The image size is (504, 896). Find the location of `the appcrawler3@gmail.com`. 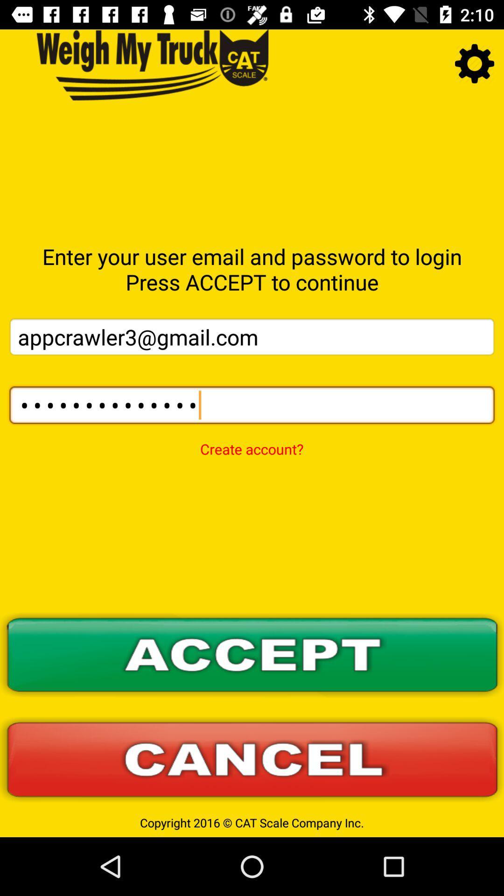

the appcrawler3@gmail.com is located at coordinates (252, 336).